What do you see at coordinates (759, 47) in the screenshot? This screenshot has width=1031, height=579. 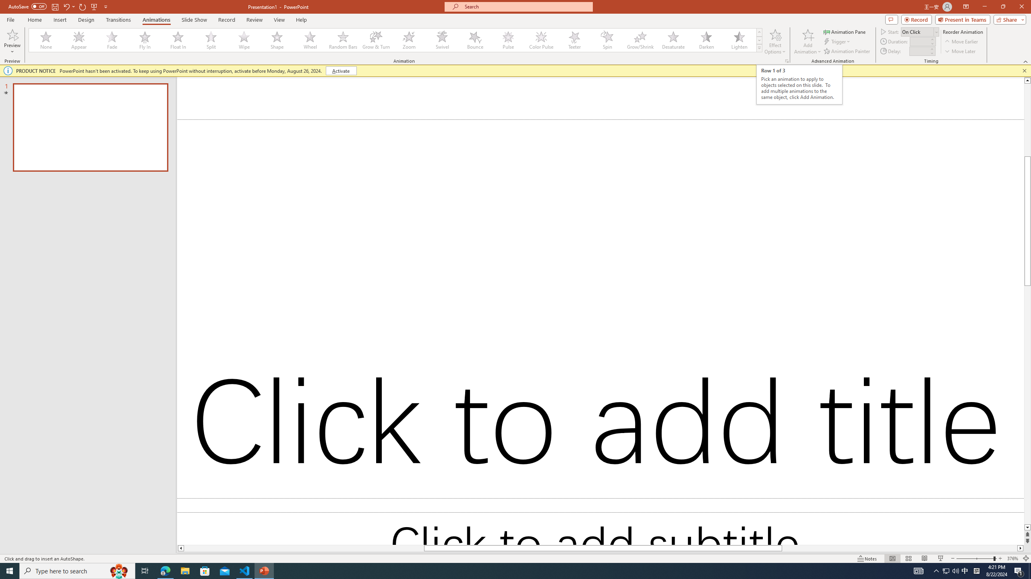 I see `'Animation Styles'` at bounding box center [759, 47].